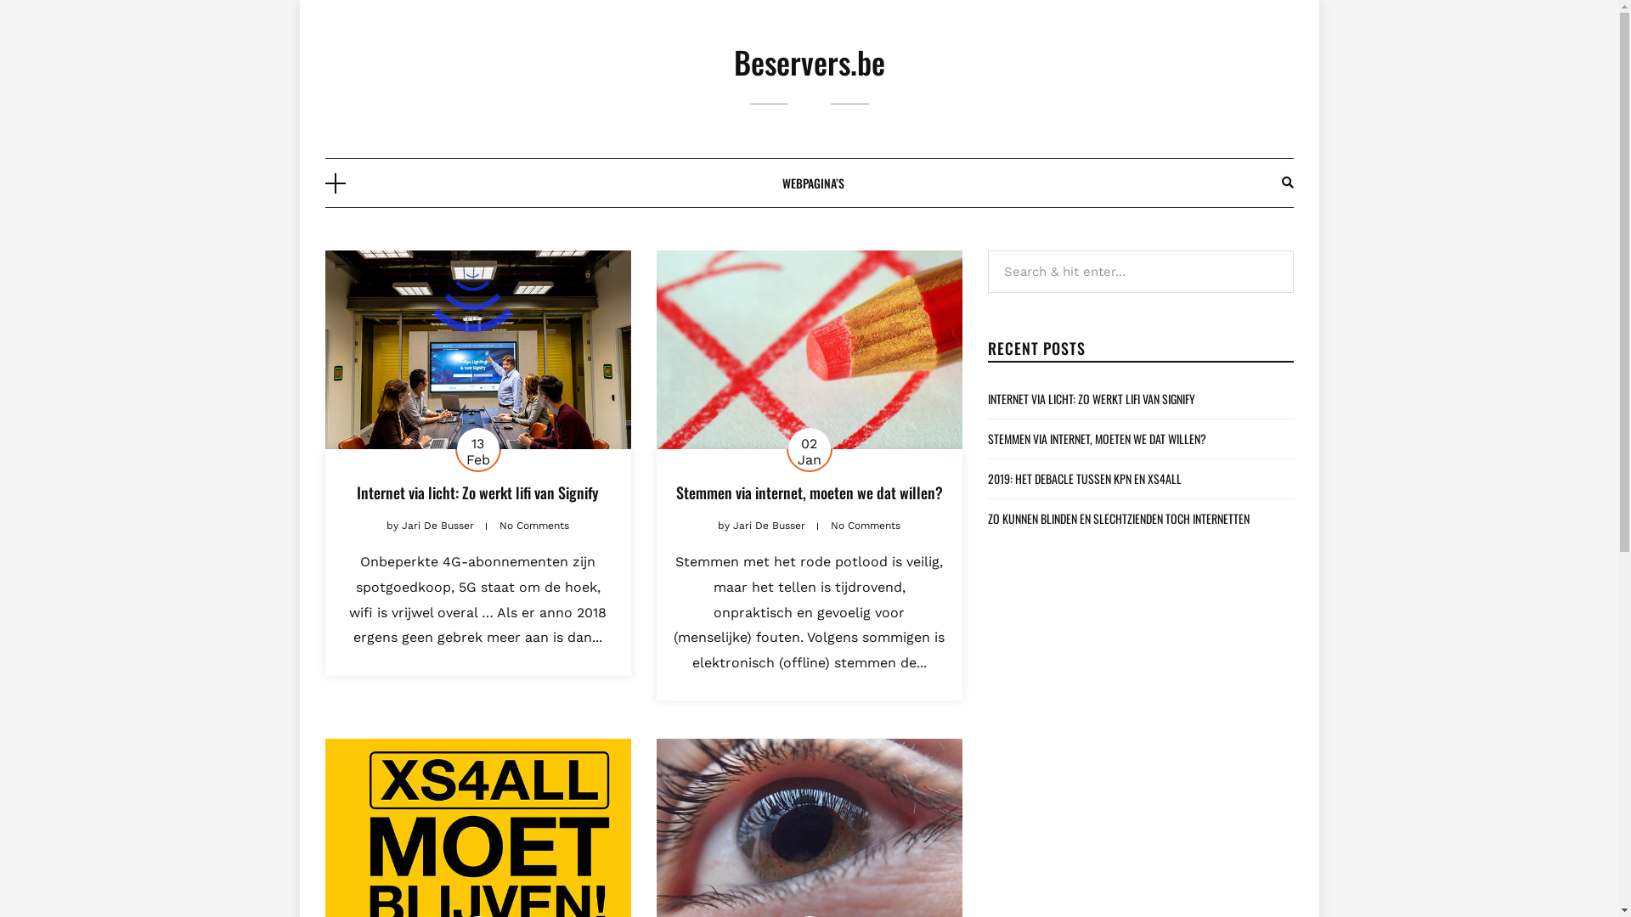  Describe the element at coordinates (477, 492) in the screenshot. I see `'Internet via licht: Zo werkt lifi van Signify'` at that location.